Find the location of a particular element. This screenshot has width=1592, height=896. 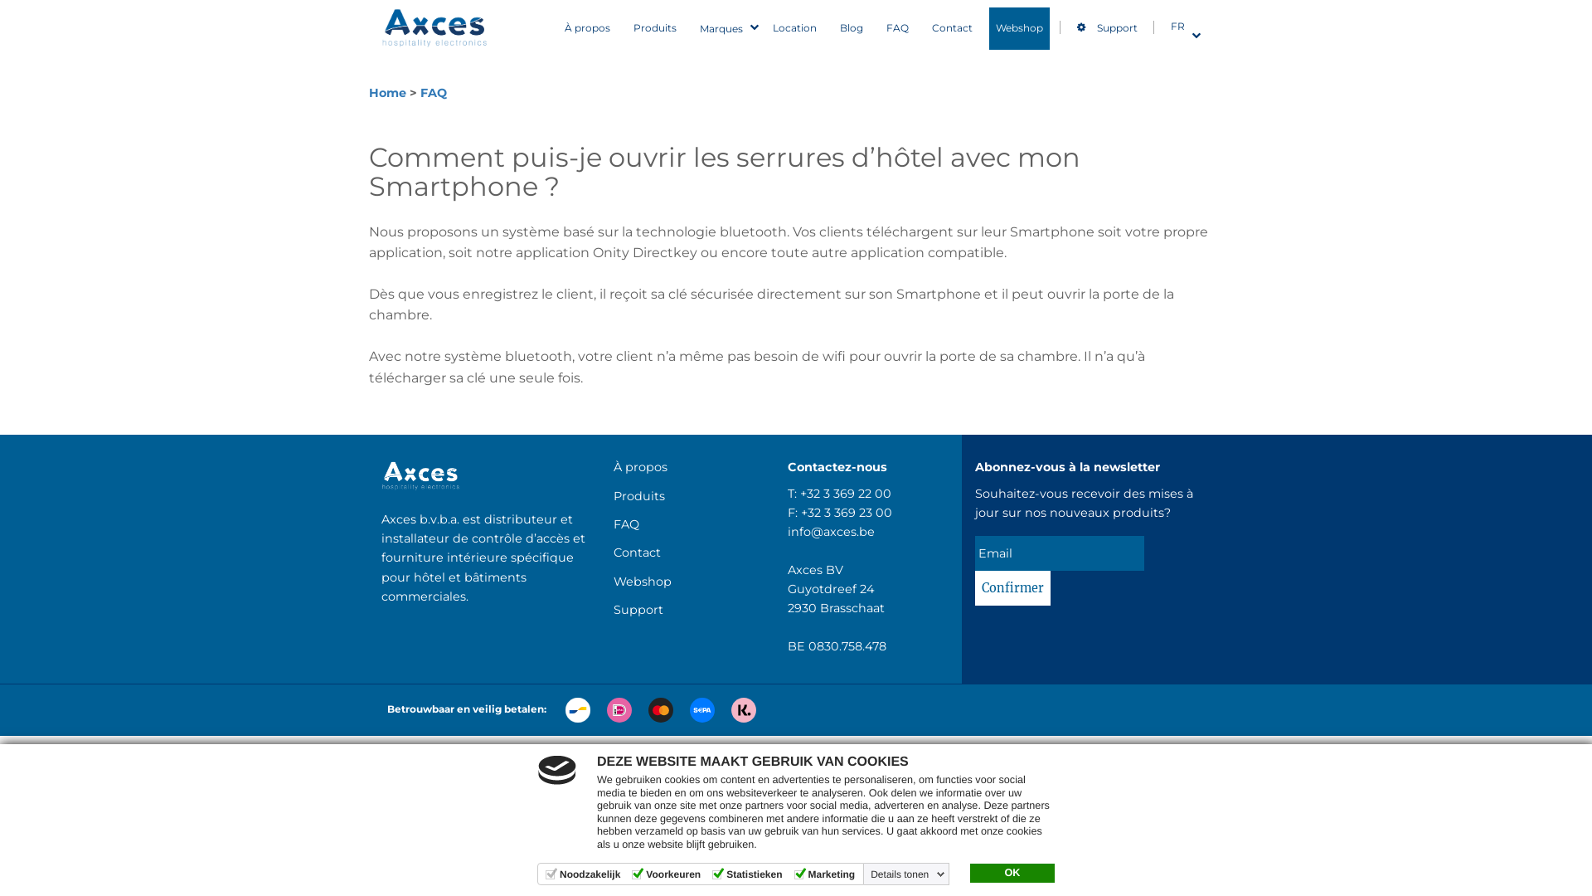

'Produits' is located at coordinates (654, 28).